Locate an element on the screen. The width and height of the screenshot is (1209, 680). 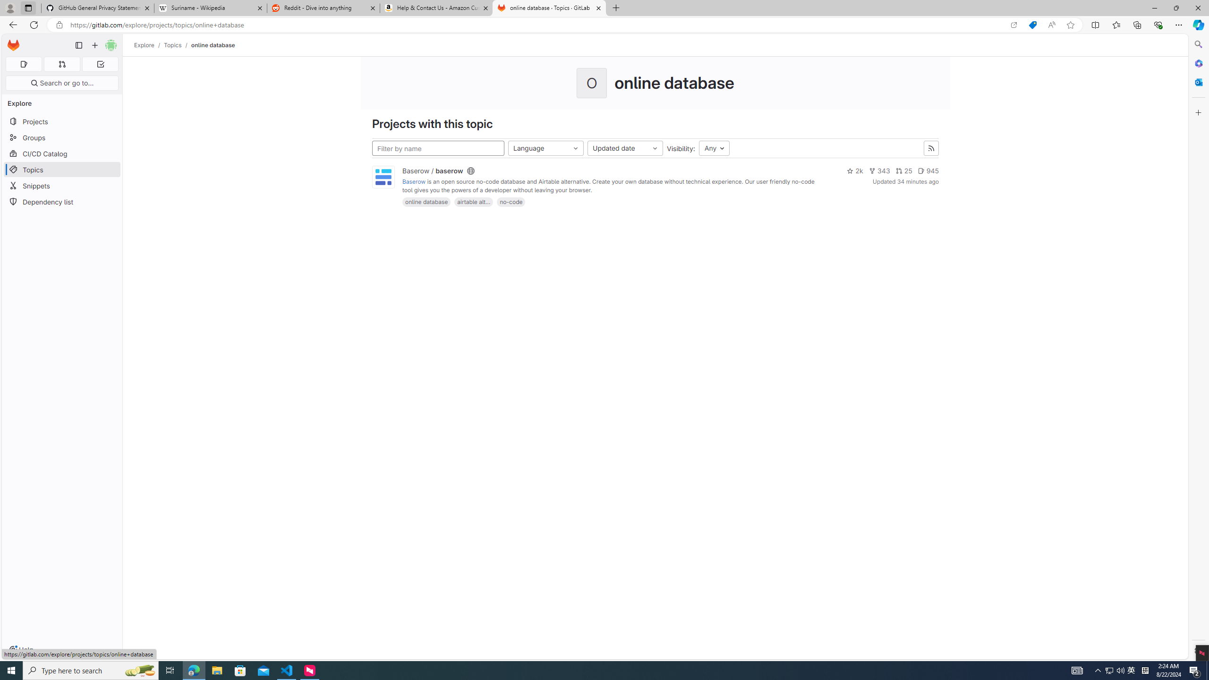
'Suriname - Wikipedia' is located at coordinates (210, 8).